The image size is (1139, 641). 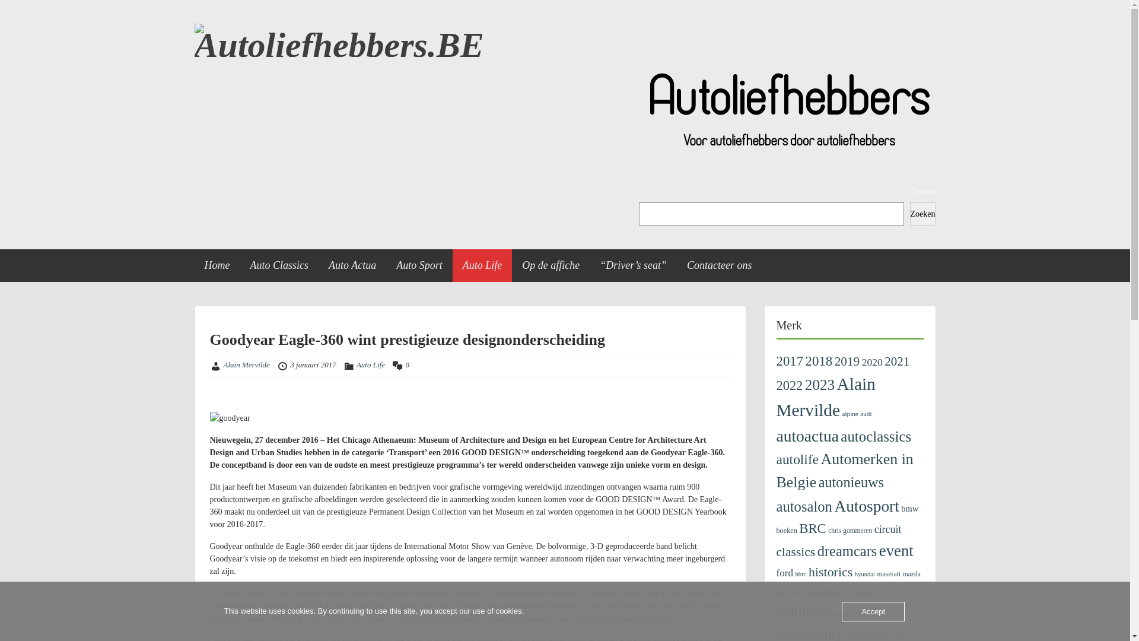 I want to click on '2019', so click(x=846, y=361).